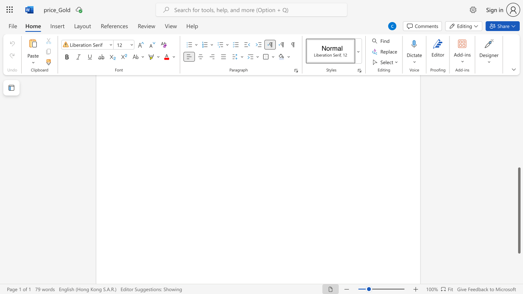 The image size is (523, 294). Describe the element at coordinates (519, 114) in the screenshot. I see `the vertical scrollbar to raise the page content` at that location.